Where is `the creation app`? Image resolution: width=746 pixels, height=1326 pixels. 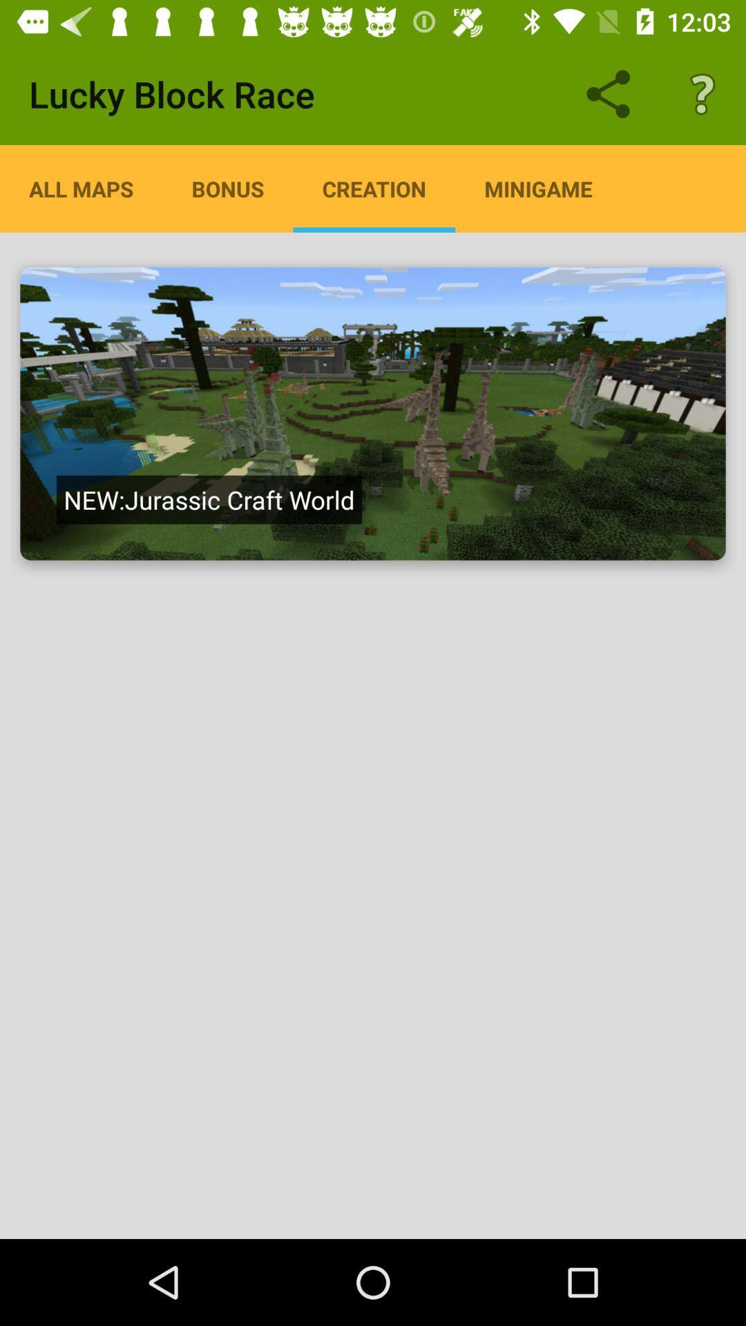
the creation app is located at coordinates (374, 188).